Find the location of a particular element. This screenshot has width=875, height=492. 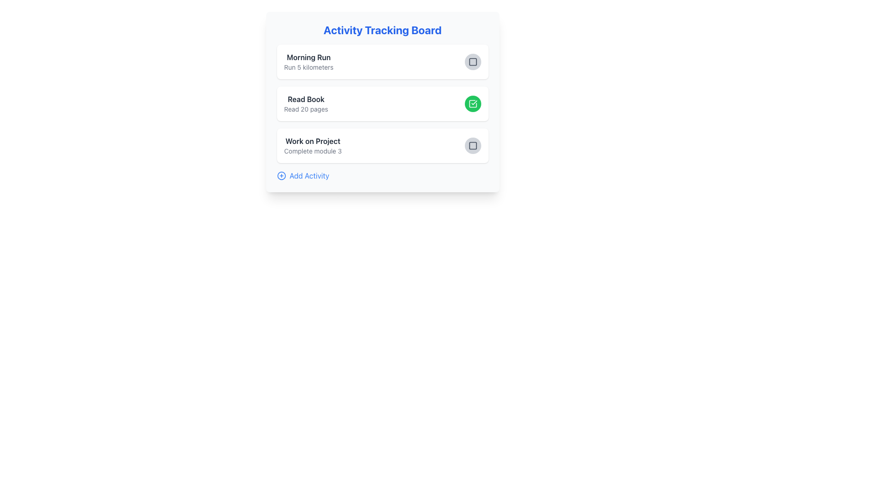

the 'Add New Activity' button located at the bottom of the 'Activity Tracking Board' section to initiate adding a new activity is located at coordinates (303, 175).